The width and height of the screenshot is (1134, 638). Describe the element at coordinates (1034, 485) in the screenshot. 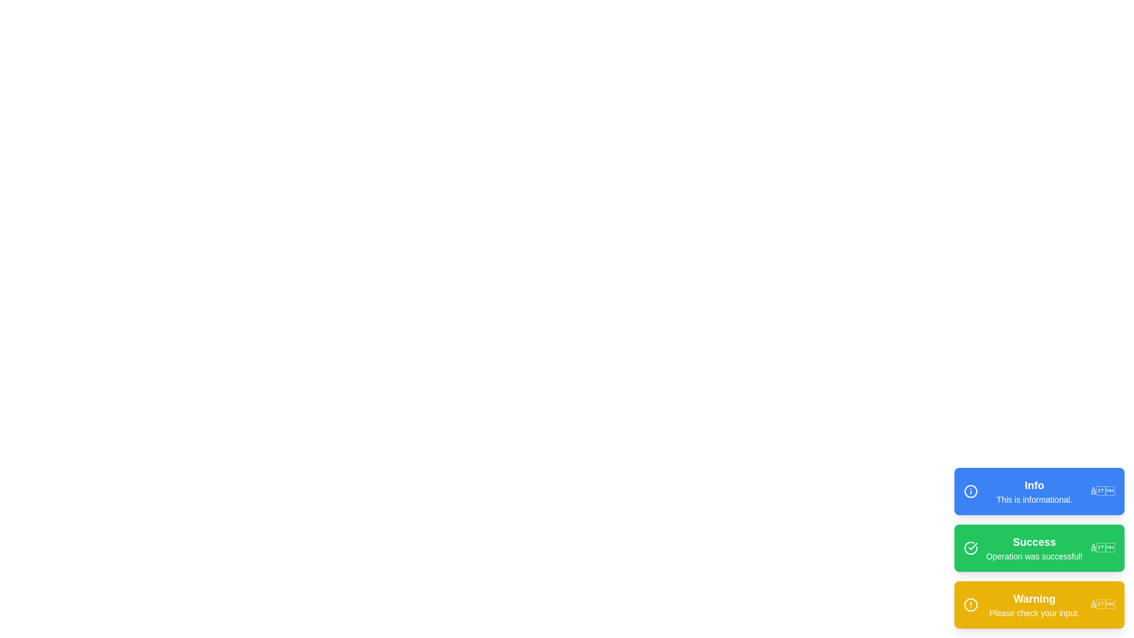

I see `prominent bold text element displaying the word 'Info' located within the upper blue notification box` at that location.